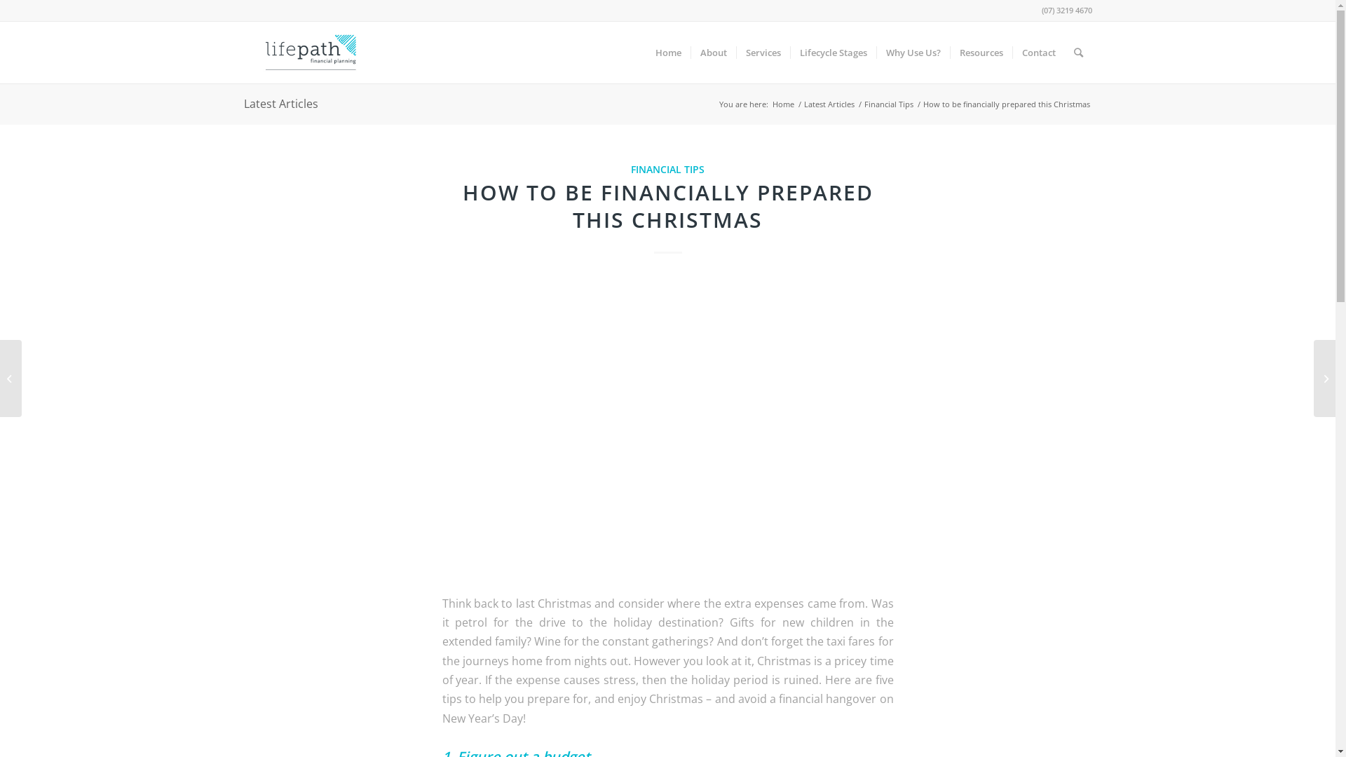 The image size is (1346, 757). I want to click on 'Home', so click(782, 103).